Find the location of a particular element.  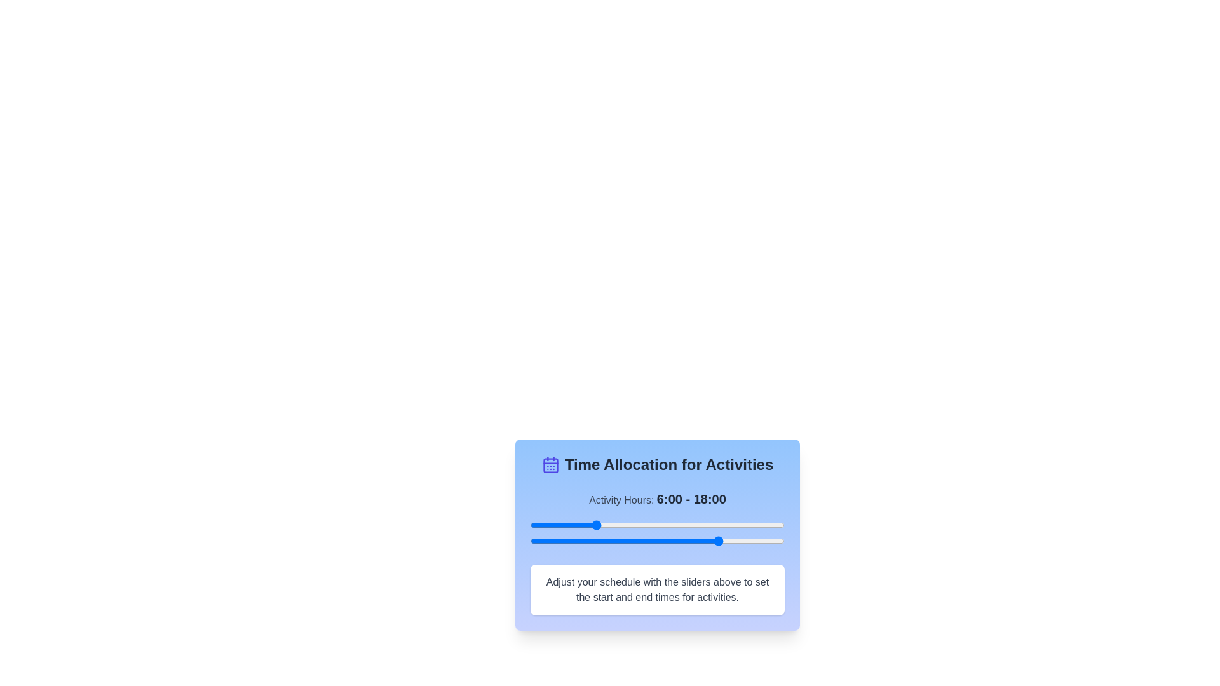

the start time to 13 hours using the left slider is located at coordinates (667, 525).